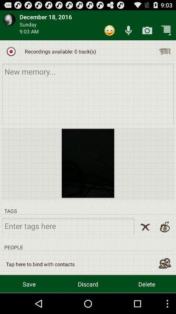  Describe the element at coordinates (164, 263) in the screenshot. I see `open list of contacts` at that location.